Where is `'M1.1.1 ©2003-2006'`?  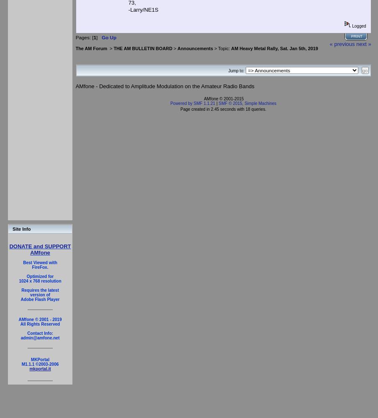 'M1.1.1 ©2003-2006' is located at coordinates (40, 364).